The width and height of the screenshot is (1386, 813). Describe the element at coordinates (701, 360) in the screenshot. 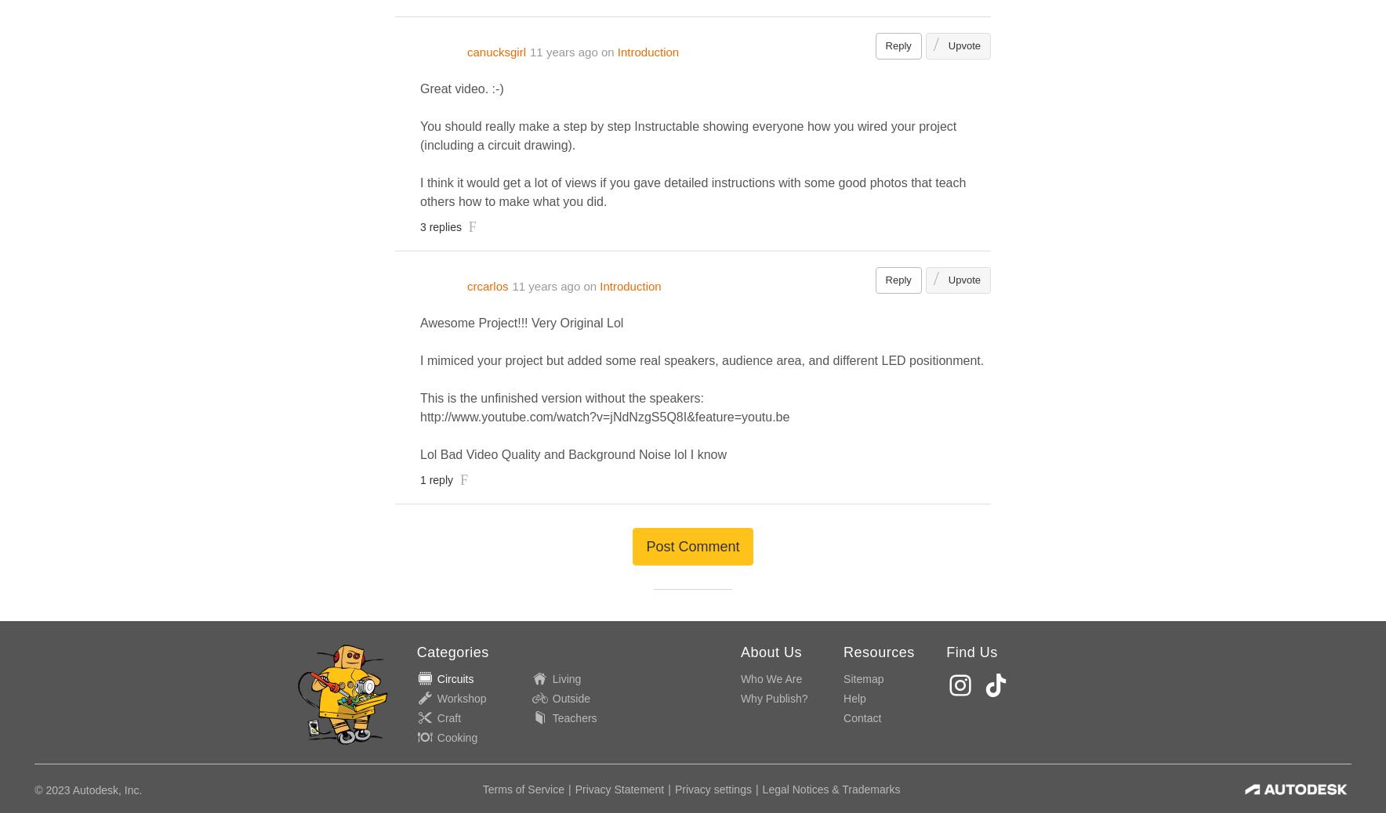

I see `'I mimiced your project but added some real speakers, audience area, and different LED positionment.'` at that location.